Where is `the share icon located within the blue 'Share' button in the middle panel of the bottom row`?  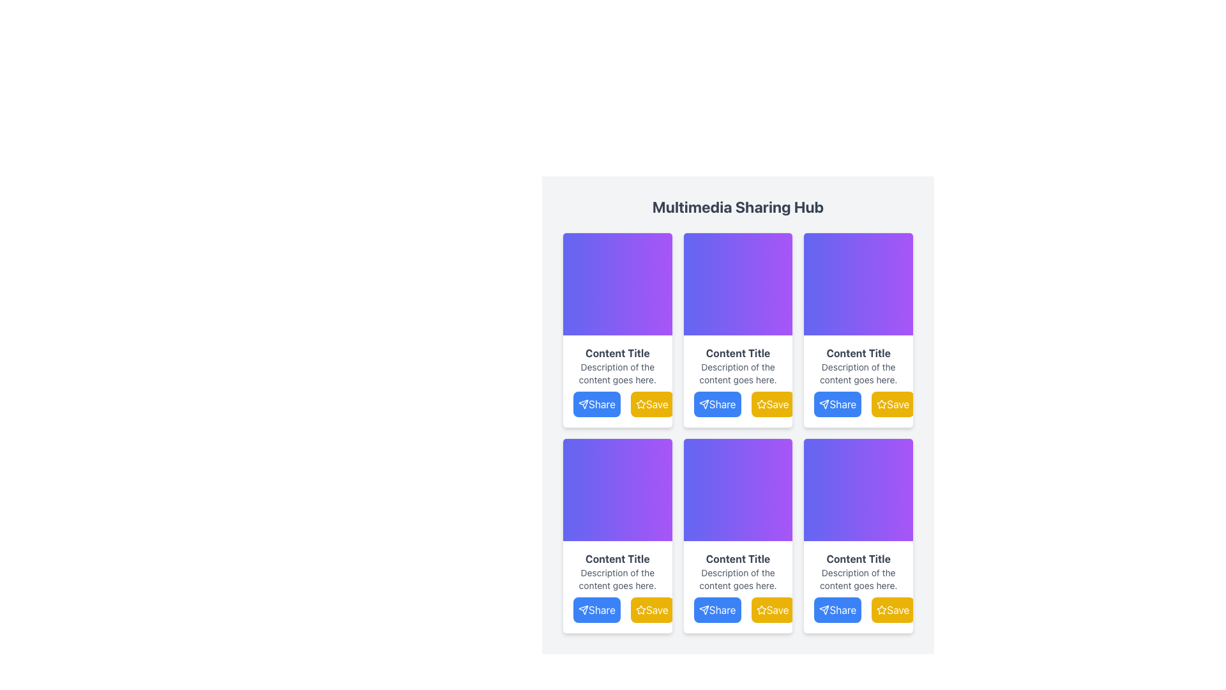 the share icon located within the blue 'Share' button in the middle panel of the bottom row is located at coordinates (703, 609).